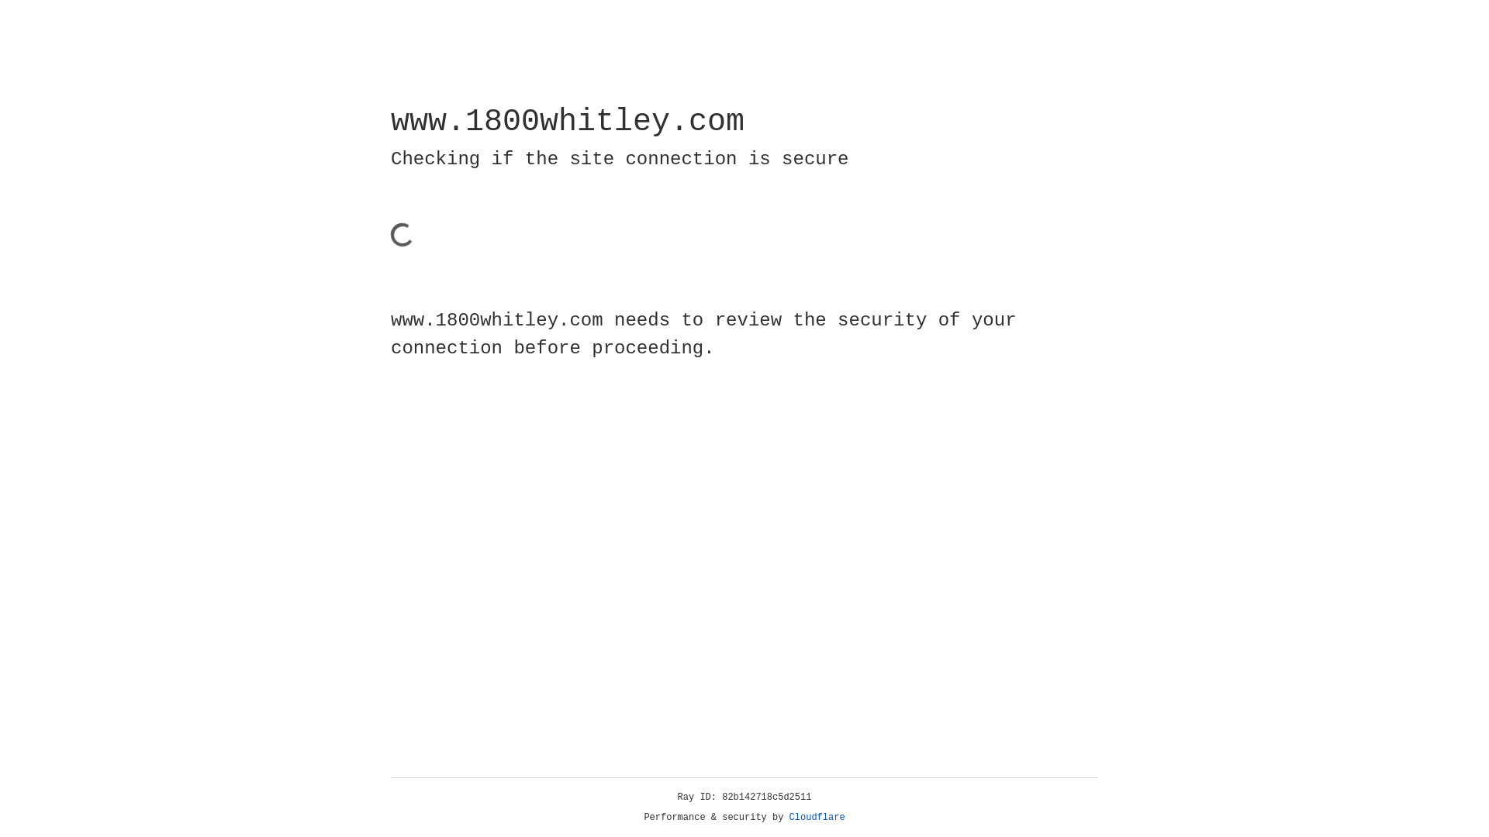 Image resolution: width=1489 pixels, height=837 pixels. What do you see at coordinates (789, 817) in the screenshot?
I see `'Cloudflare'` at bounding box center [789, 817].